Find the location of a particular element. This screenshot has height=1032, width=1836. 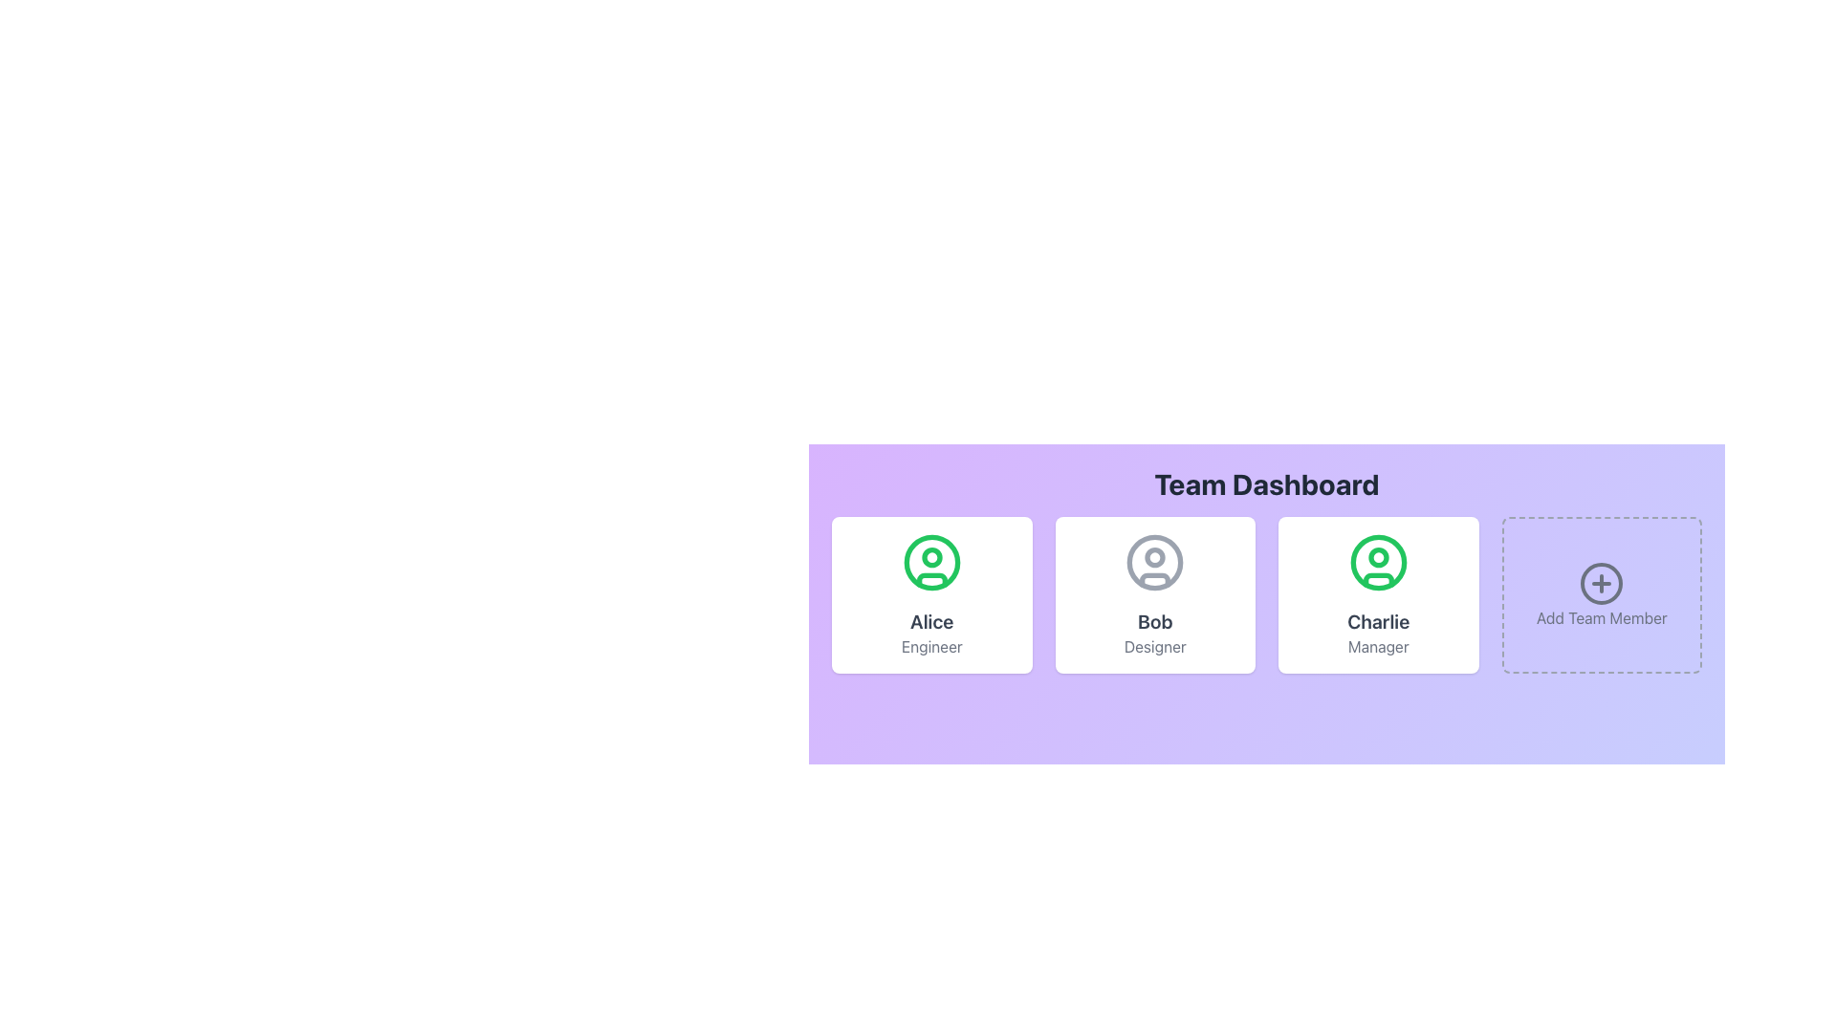

the curving line representing the shoulders or chest of the user avatar icon, which is the third icon in a horizontal row of user icons is located at coordinates (1378, 579).